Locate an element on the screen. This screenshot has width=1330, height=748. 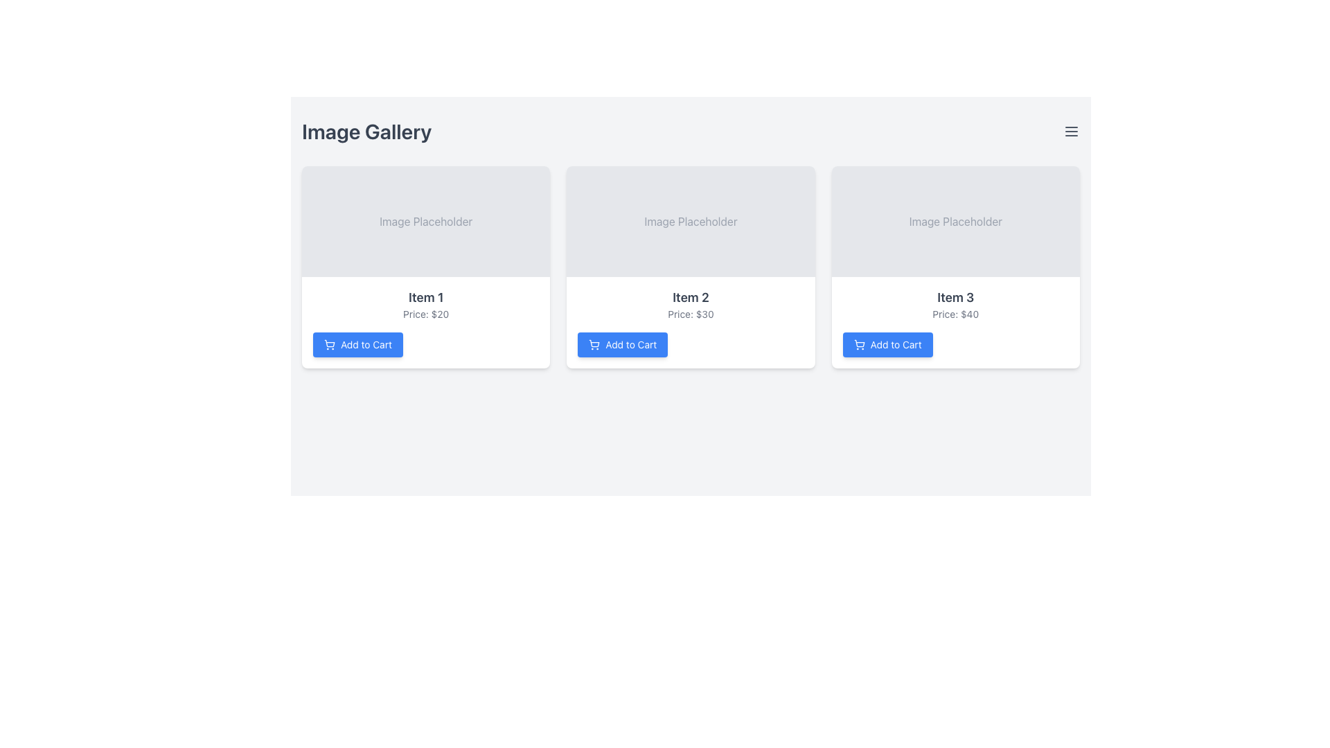
the static text component that indicates the placeholder for an image, located centrally in the top section of the third card is located at coordinates (955, 221).